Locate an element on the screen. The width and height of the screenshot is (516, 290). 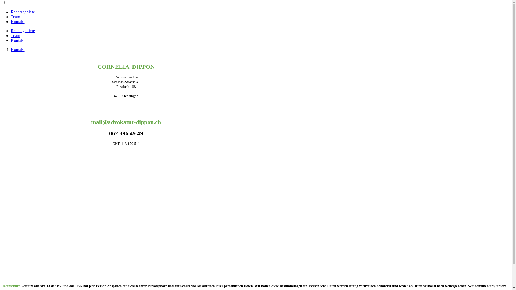
'Kontakt' is located at coordinates (18, 40).